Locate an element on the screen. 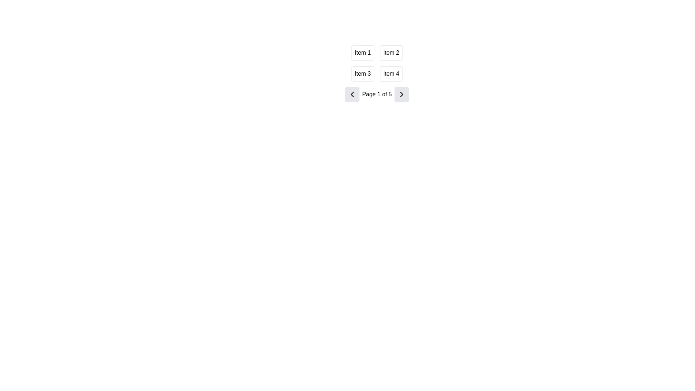 The height and width of the screenshot is (391, 695). the rectangular button with a light gray background and a right-pointing black chevron is located at coordinates (401, 94).